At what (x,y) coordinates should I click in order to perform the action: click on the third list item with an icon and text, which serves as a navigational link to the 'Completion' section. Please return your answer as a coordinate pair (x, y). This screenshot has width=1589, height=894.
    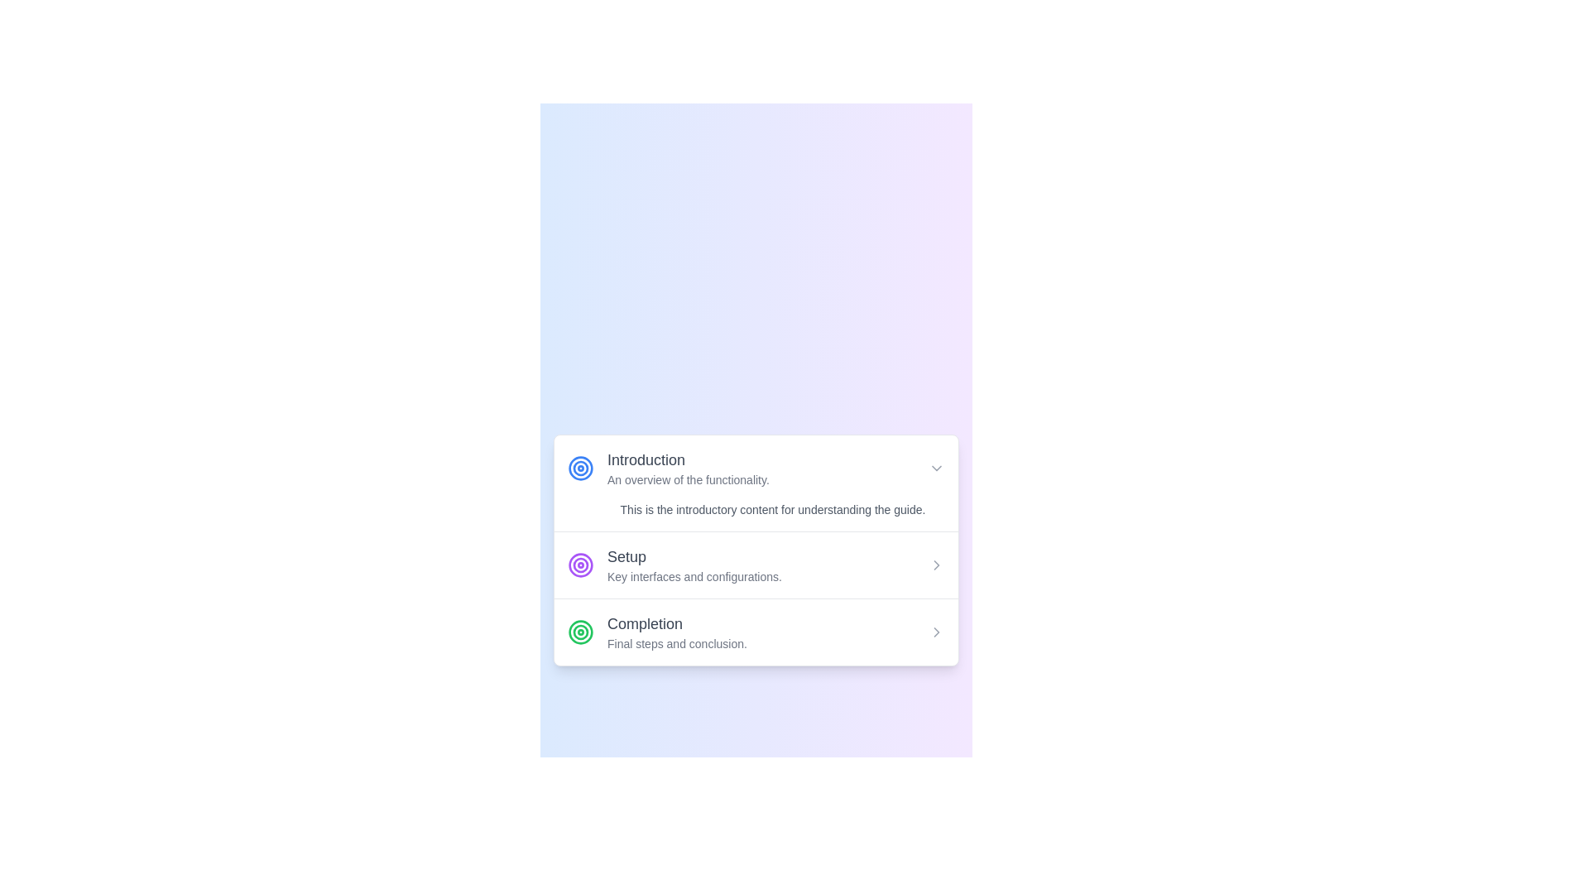
    Looking at the image, I should click on (656, 632).